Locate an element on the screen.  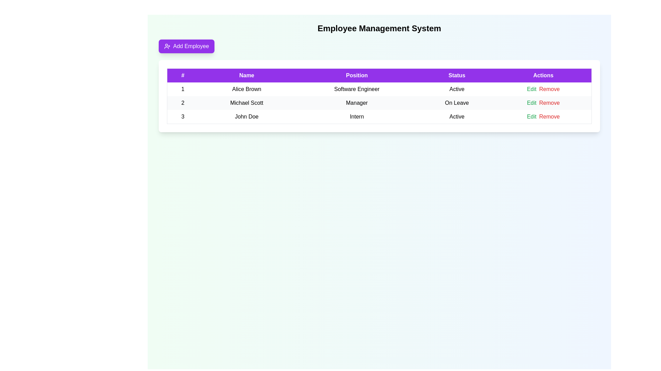
the 'Add Employee' button is located at coordinates (187, 46).